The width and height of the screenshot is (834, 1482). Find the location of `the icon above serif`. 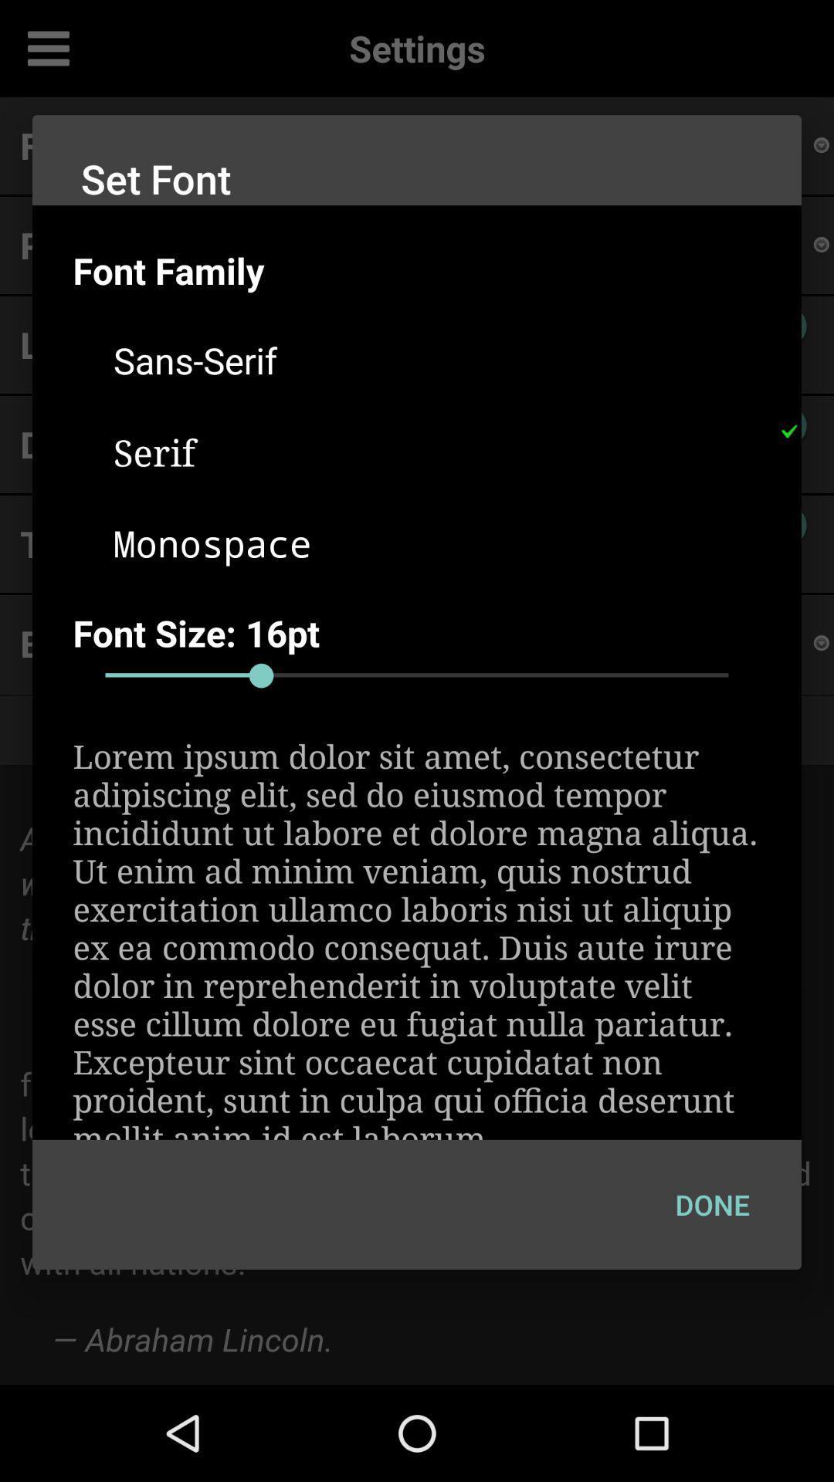

the icon above serif is located at coordinates (437, 359).